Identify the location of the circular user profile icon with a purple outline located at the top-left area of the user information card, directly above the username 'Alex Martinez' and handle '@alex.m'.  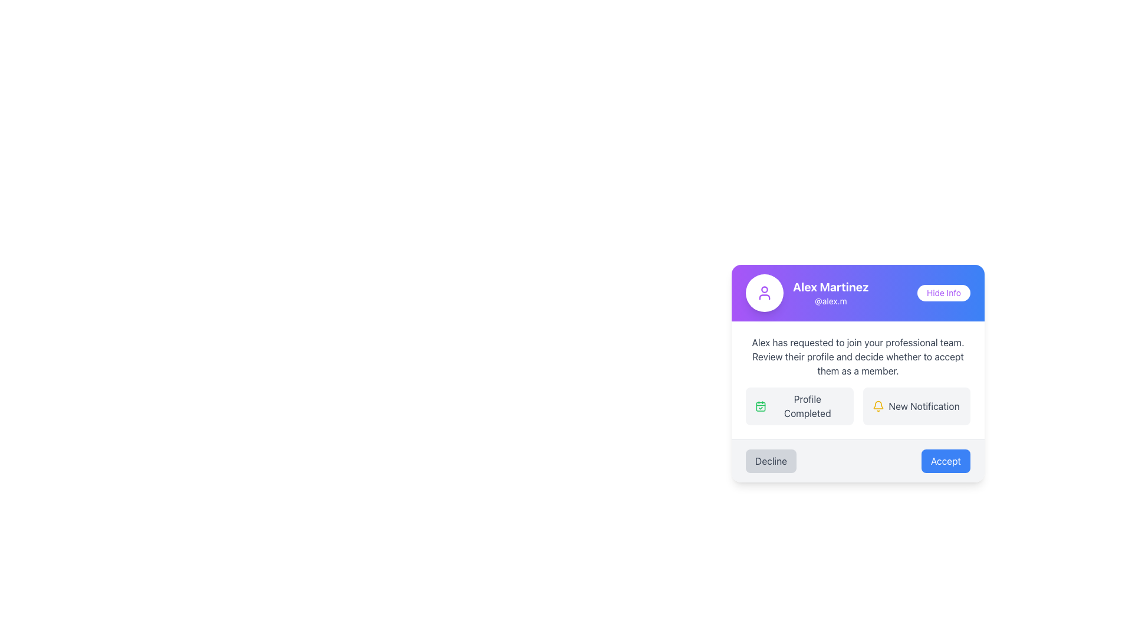
(764, 293).